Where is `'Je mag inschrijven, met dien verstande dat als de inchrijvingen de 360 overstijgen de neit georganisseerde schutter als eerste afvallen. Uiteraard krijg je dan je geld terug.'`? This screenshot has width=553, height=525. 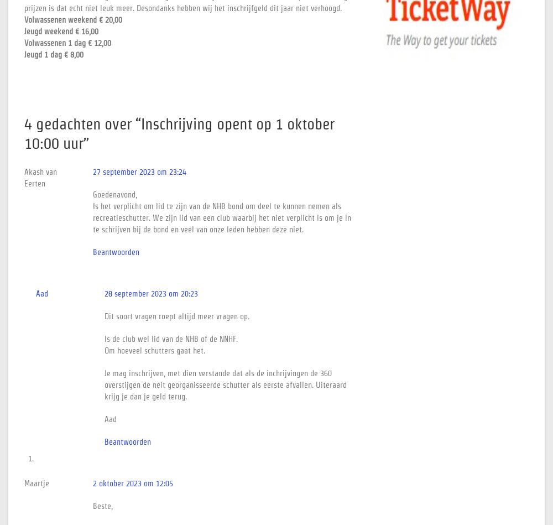 'Je mag inschrijven, met dien verstande dat als de inchrijvingen de 360 overstijgen de neit georganisseerde schutter als eerste afvallen. Uiteraard krijg je dan je geld terug.' is located at coordinates (226, 384).